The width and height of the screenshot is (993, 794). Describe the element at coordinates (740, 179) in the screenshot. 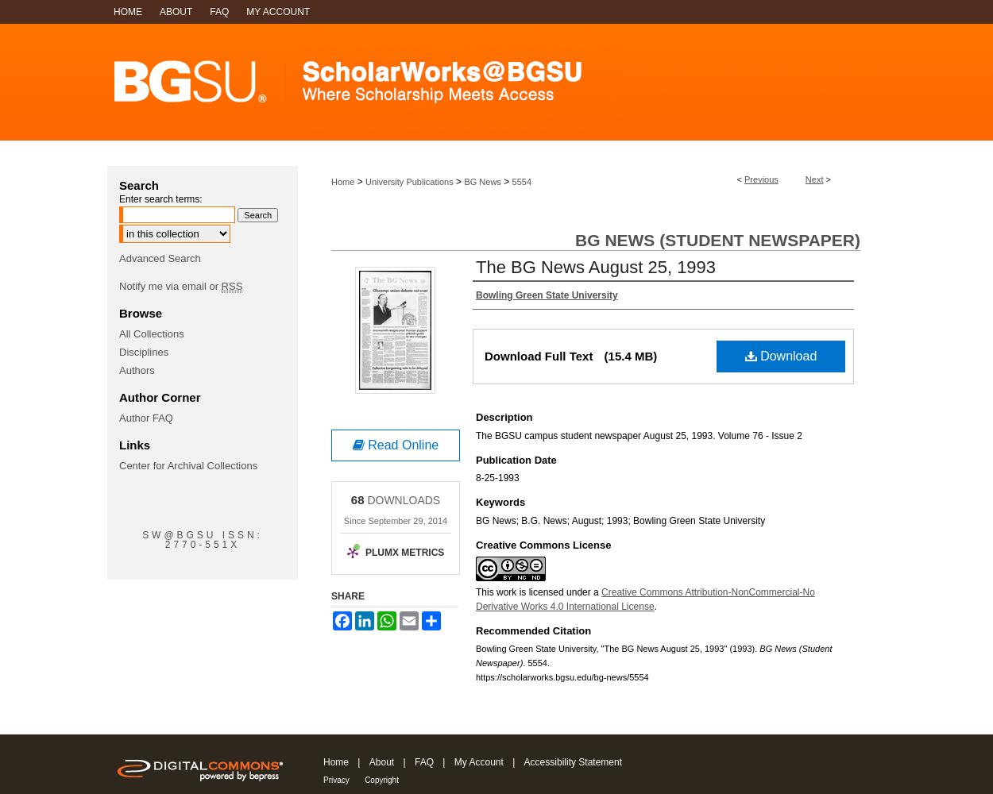

I see `'<'` at that location.